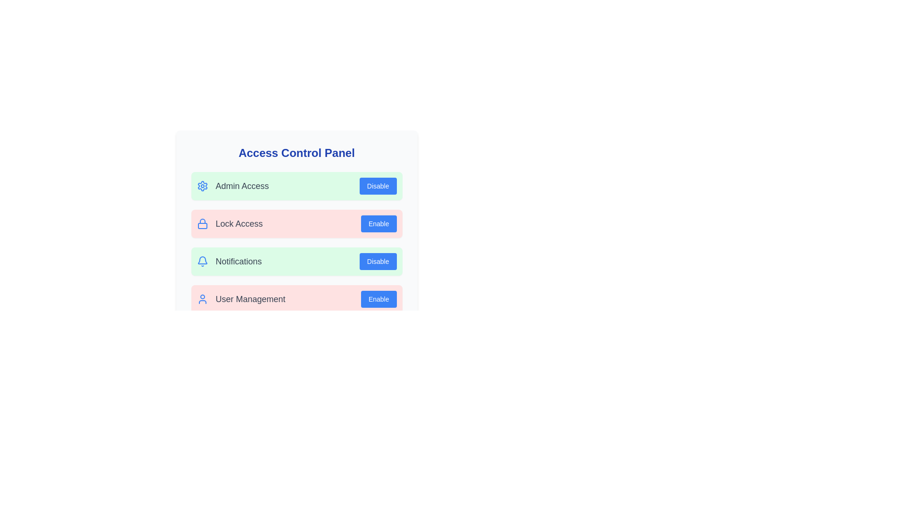 The image size is (905, 509). I want to click on the title 'Access Control Panel' to open the context menu or trigger interactions, so click(296, 152).